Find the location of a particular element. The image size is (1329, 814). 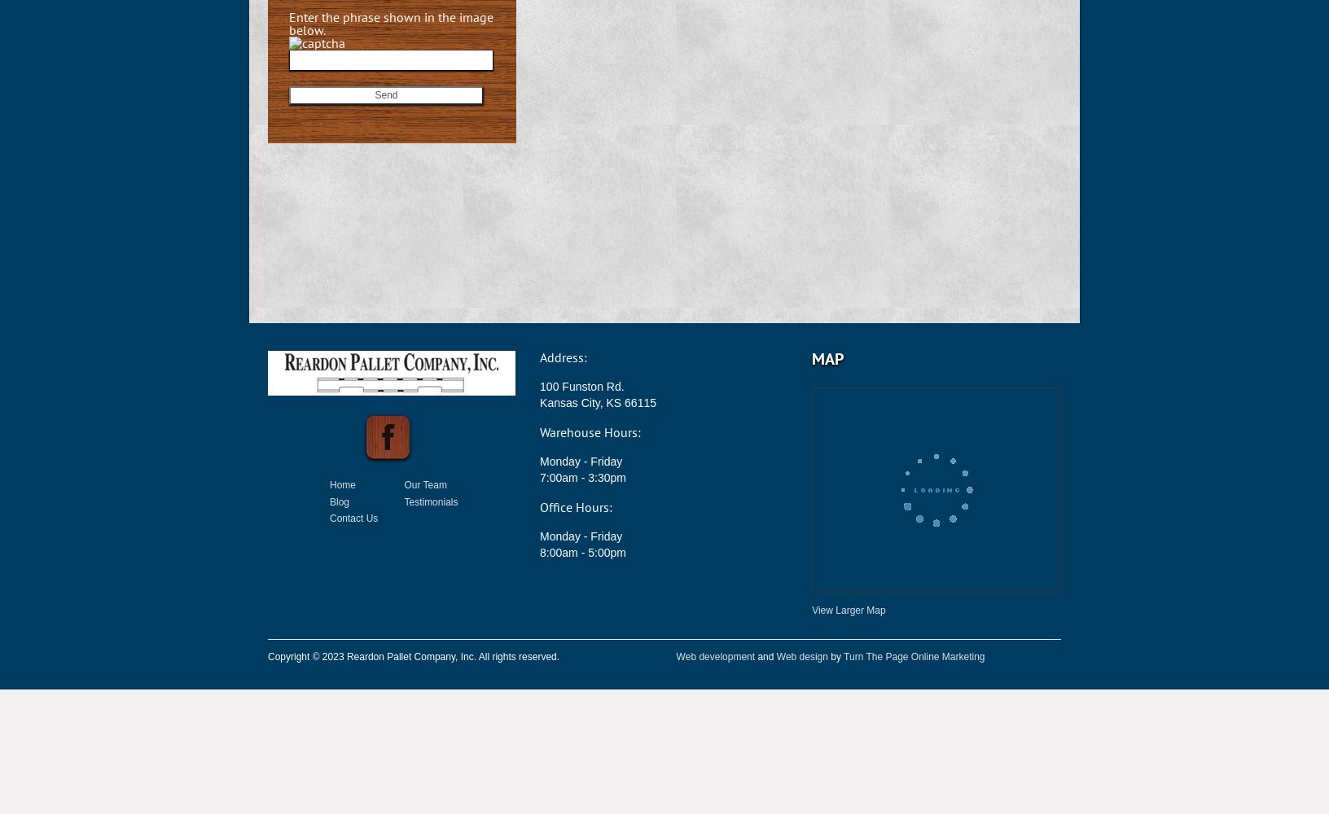

'Testimonials' is located at coordinates (430, 501).